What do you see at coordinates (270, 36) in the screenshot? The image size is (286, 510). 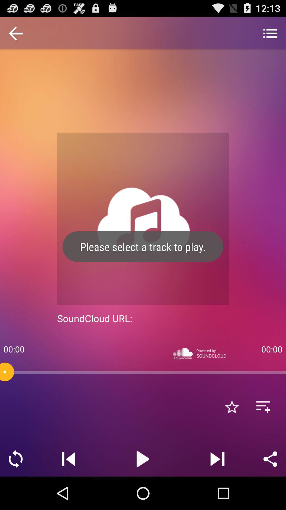 I see `the list icon` at bounding box center [270, 36].